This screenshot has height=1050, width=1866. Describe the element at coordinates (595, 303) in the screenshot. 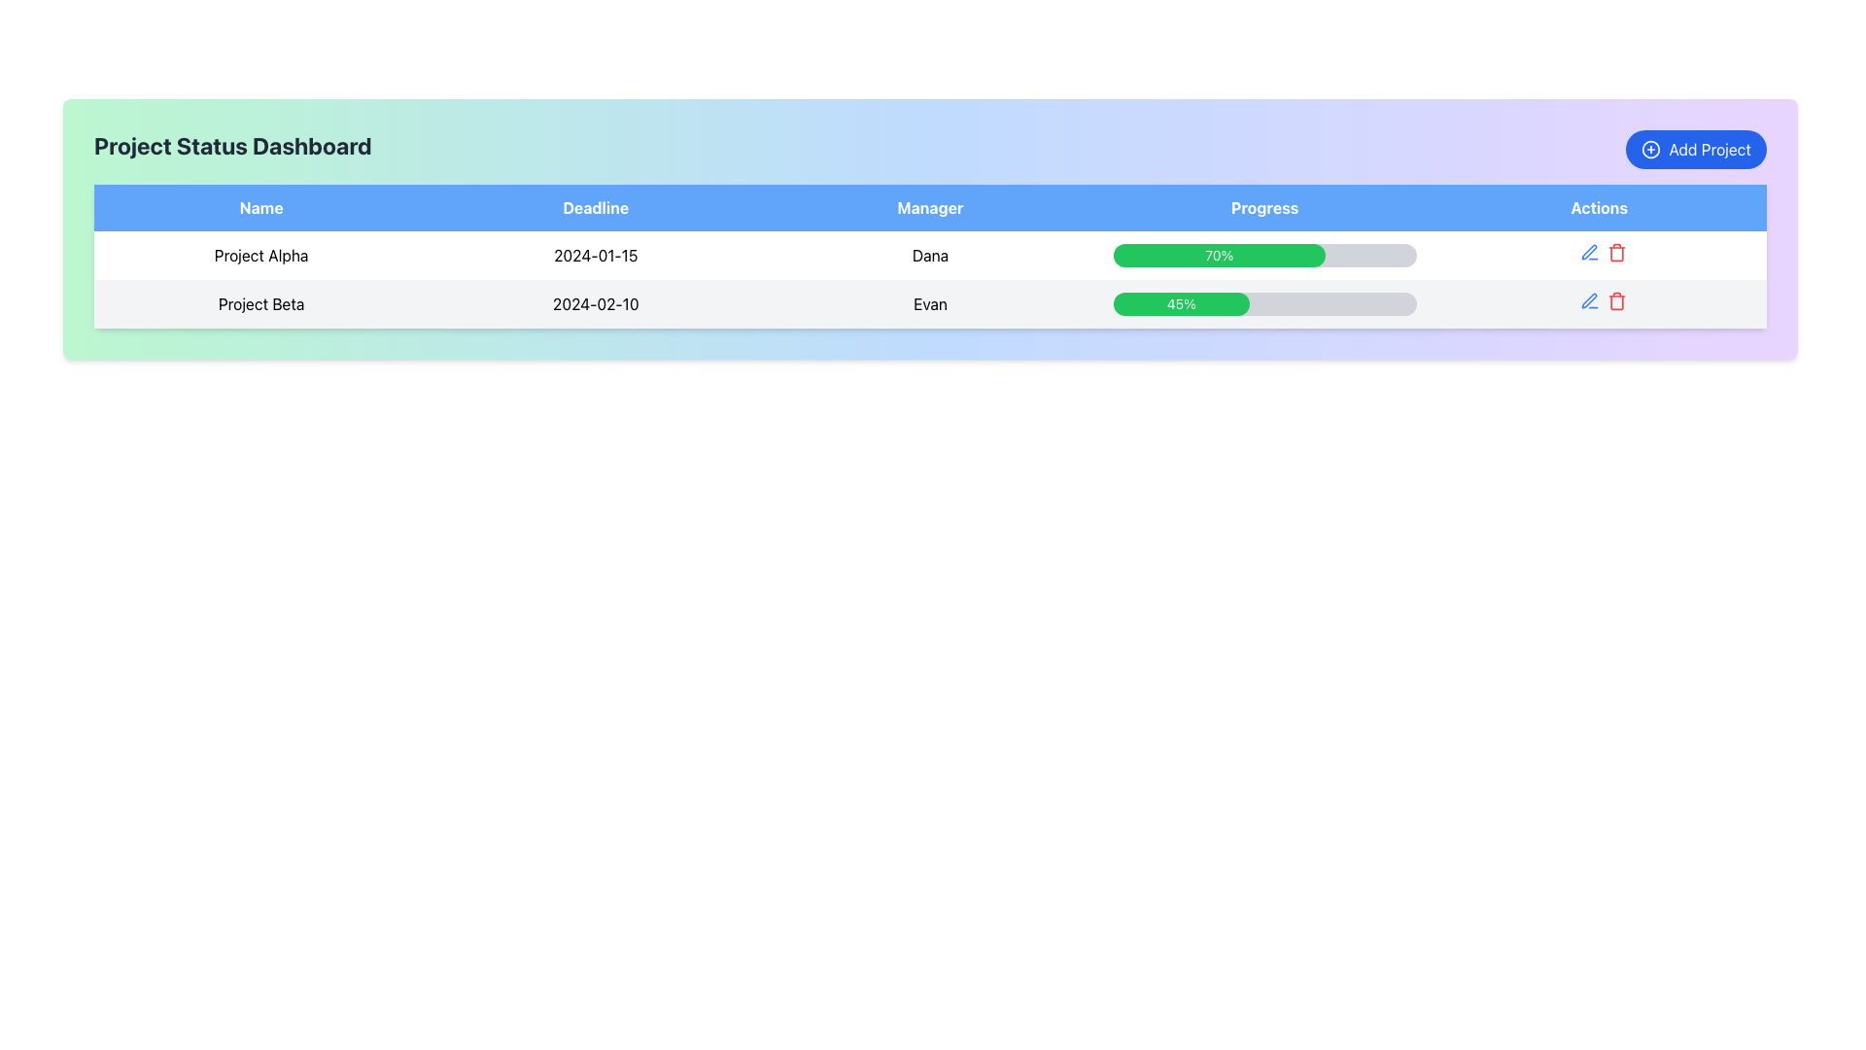

I see `the static text label displaying the date '2024-02-10', which is located in the 'Deadline' column of the second row in the table` at that location.